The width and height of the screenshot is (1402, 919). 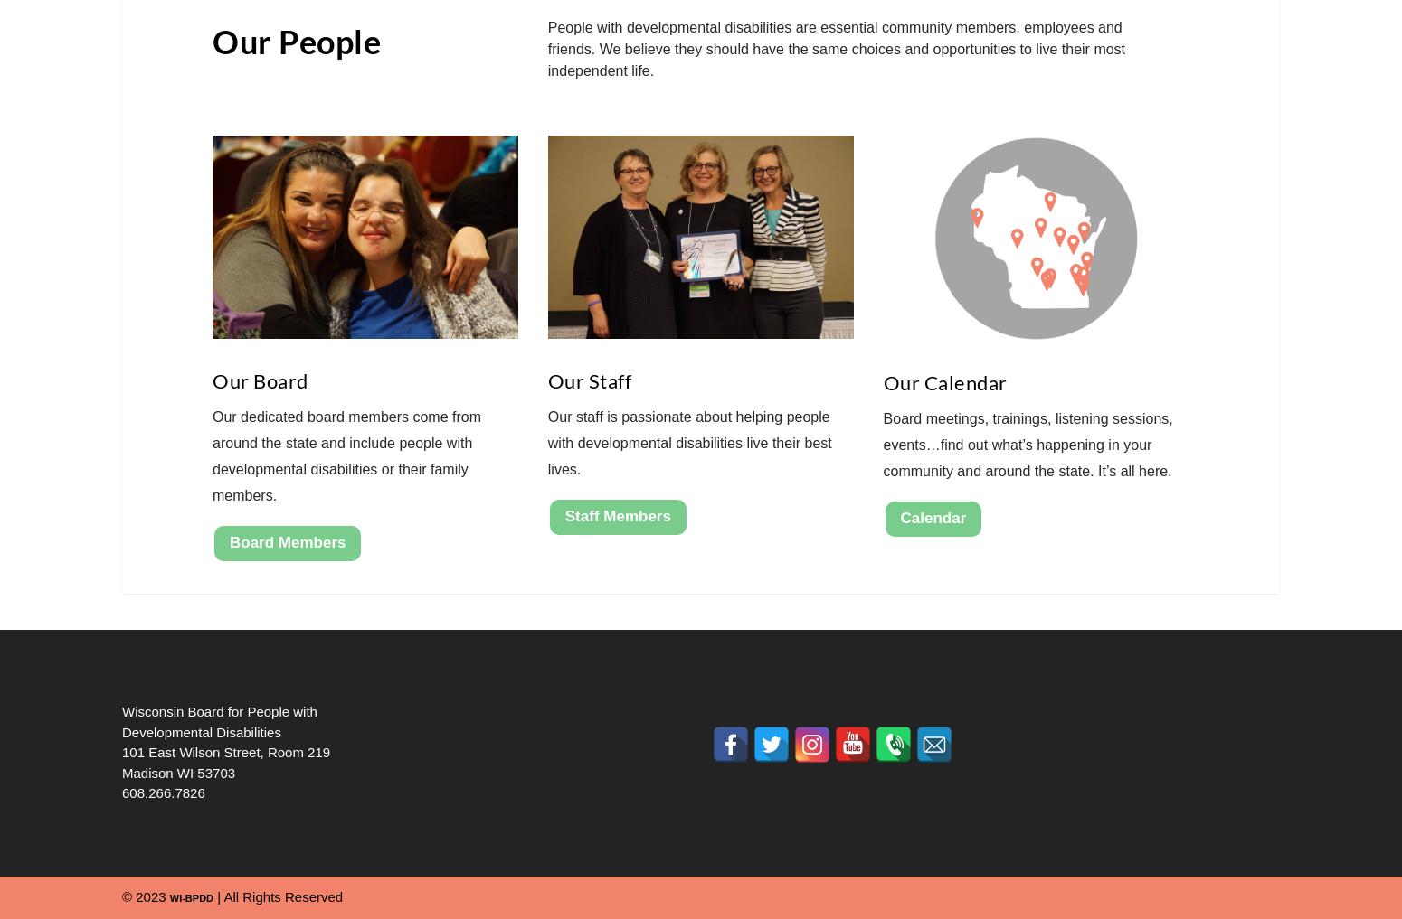 What do you see at coordinates (145, 896) in the screenshot?
I see `'© 2023'` at bounding box center [145, 896].